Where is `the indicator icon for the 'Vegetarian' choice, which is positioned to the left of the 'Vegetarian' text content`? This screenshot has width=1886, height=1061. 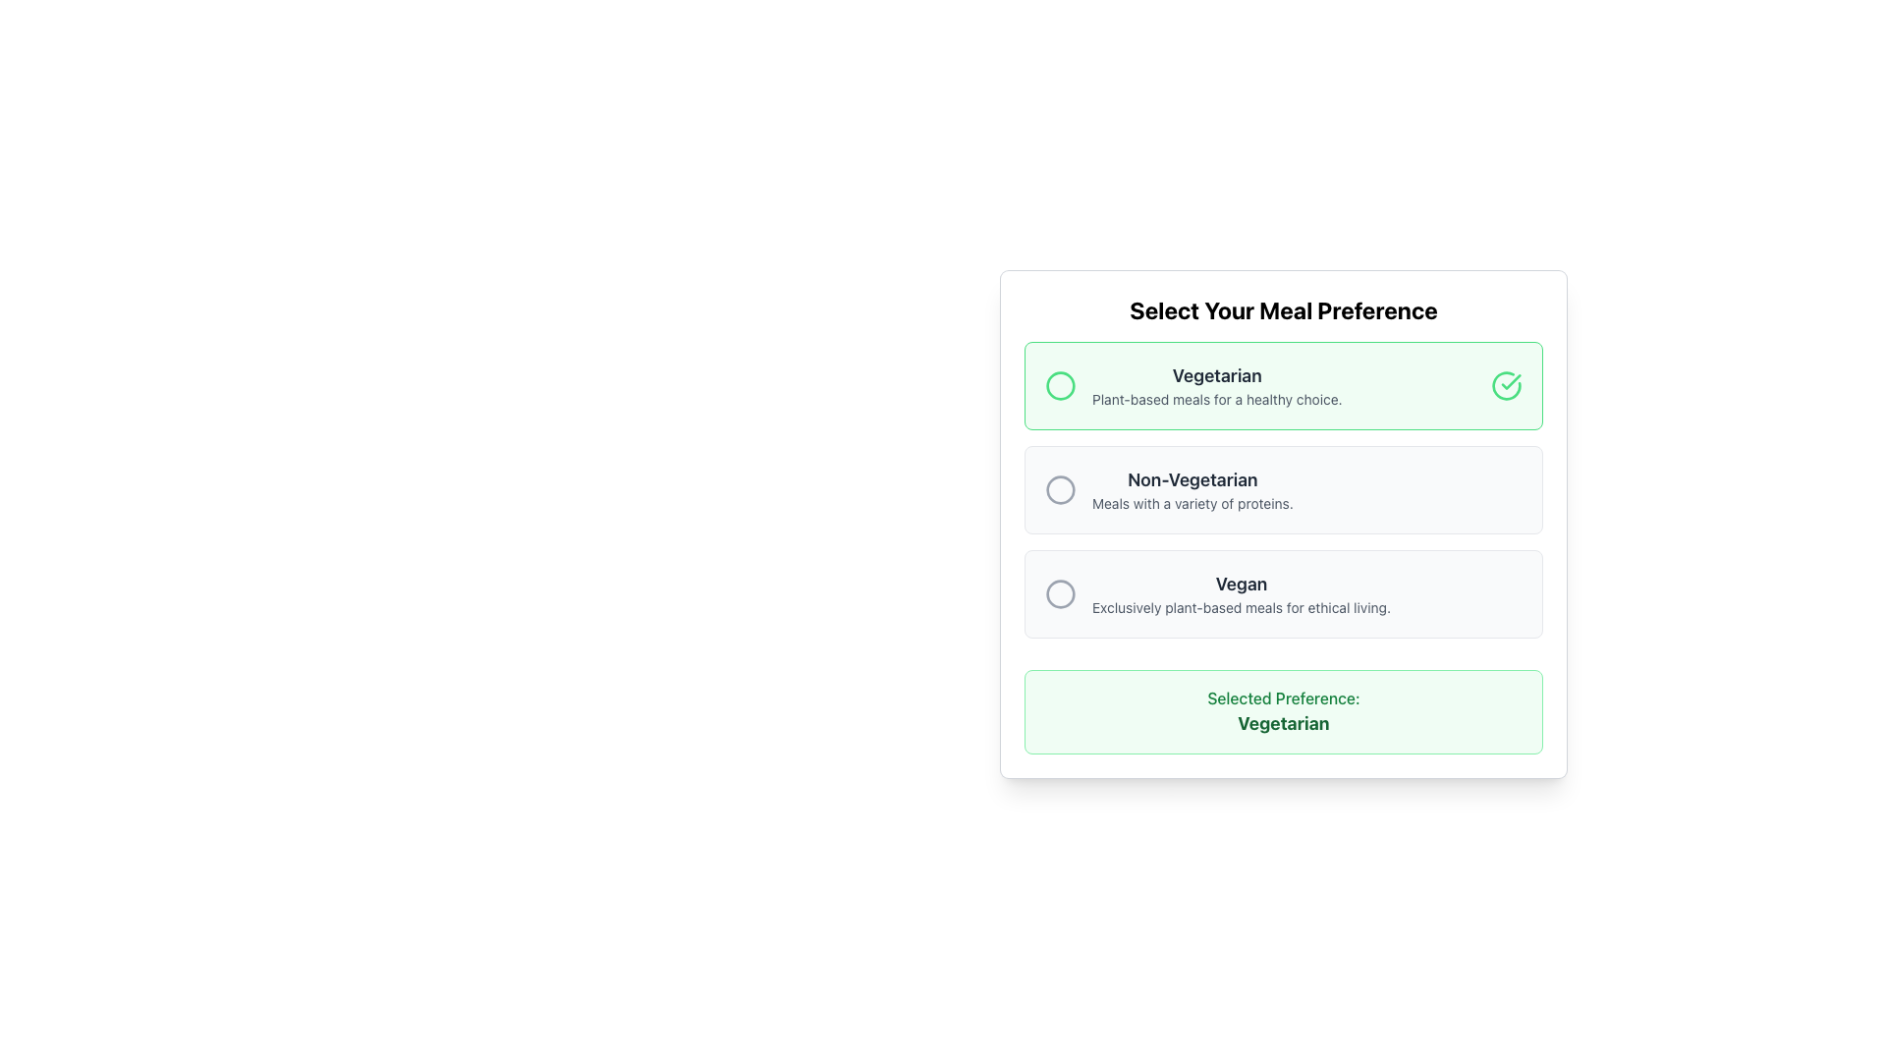 the indicator icon for the 'Vegetarian' choice, which is positioned to the left of the 'Vegetarian' text content is located at coordinates (1060, 386).